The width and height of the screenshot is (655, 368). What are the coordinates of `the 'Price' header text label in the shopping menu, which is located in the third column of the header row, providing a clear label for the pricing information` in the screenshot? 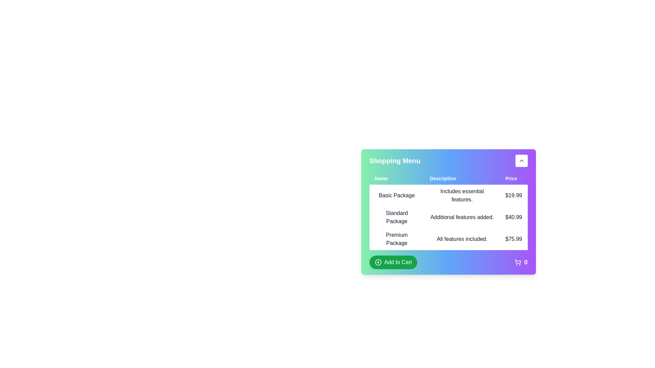 It's located at (514, 178).